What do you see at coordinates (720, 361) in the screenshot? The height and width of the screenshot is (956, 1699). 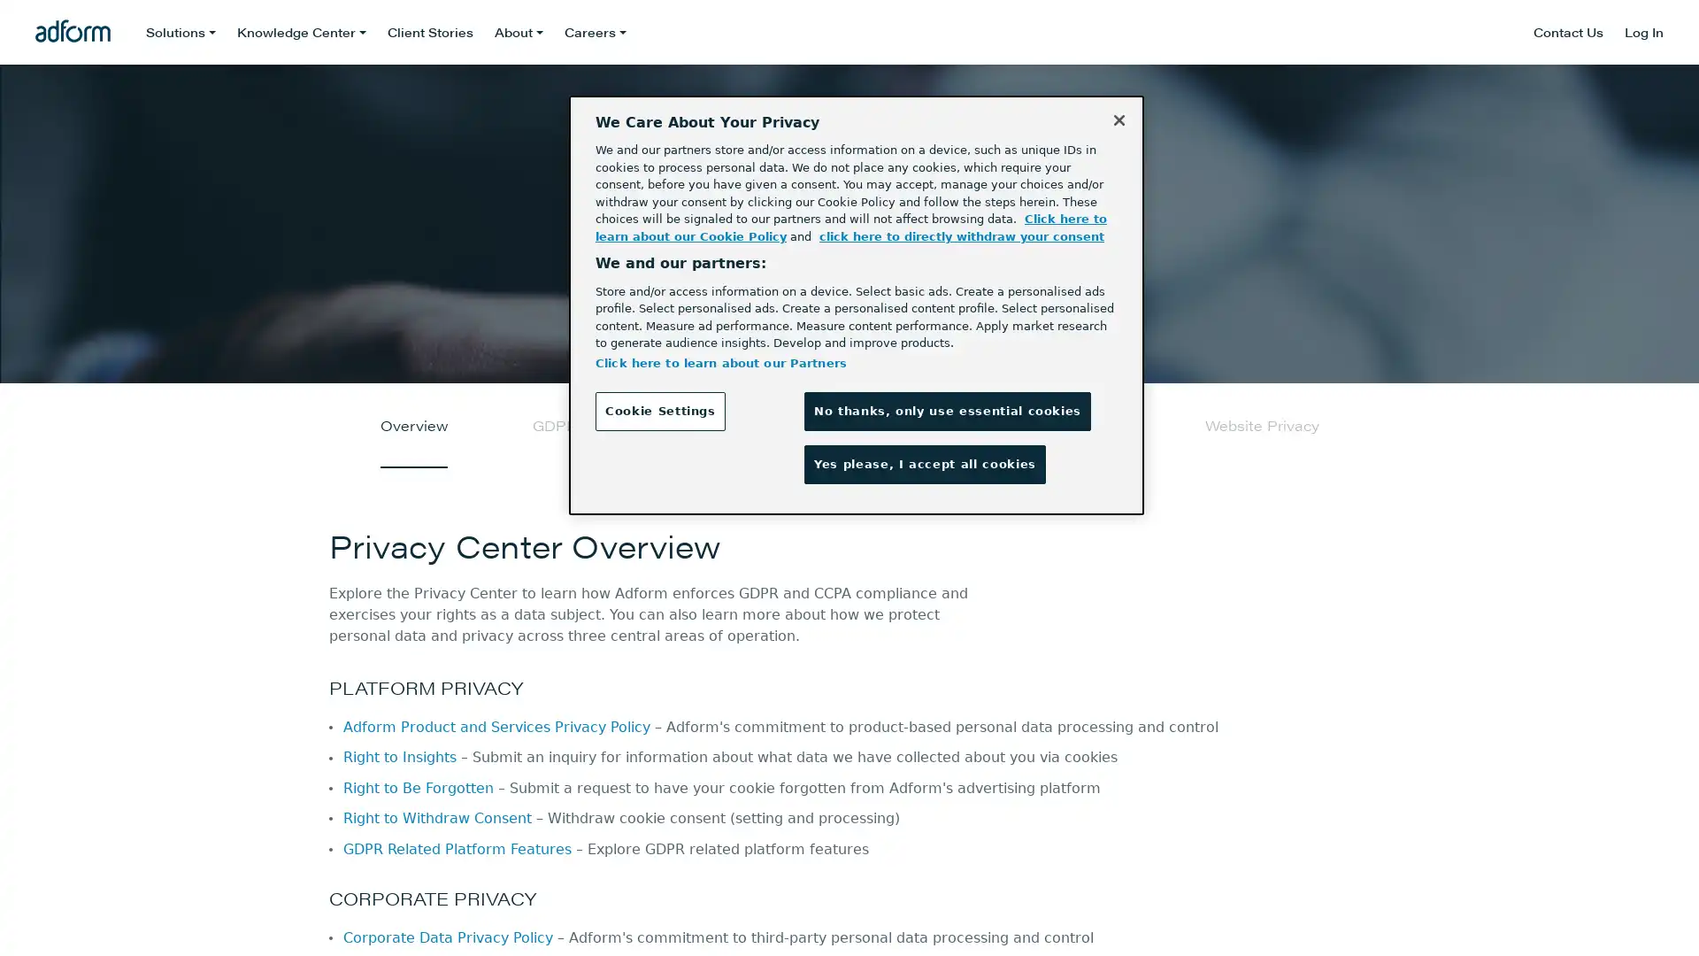 I see `Click here to learn about our Partners` at bounding box center [720, 361].